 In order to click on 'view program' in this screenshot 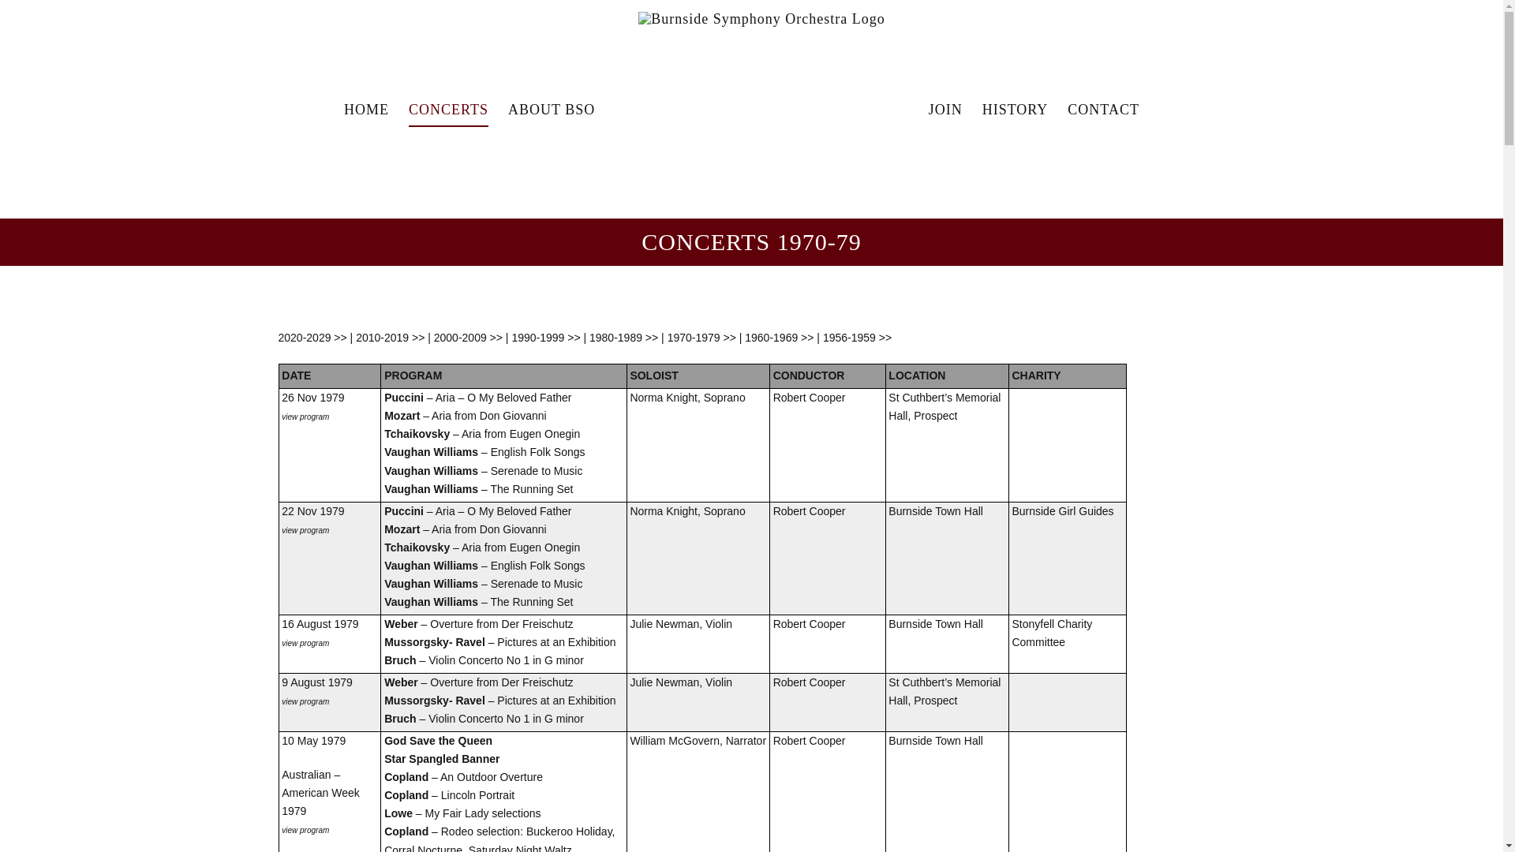, I will do `click(281, 828)`.